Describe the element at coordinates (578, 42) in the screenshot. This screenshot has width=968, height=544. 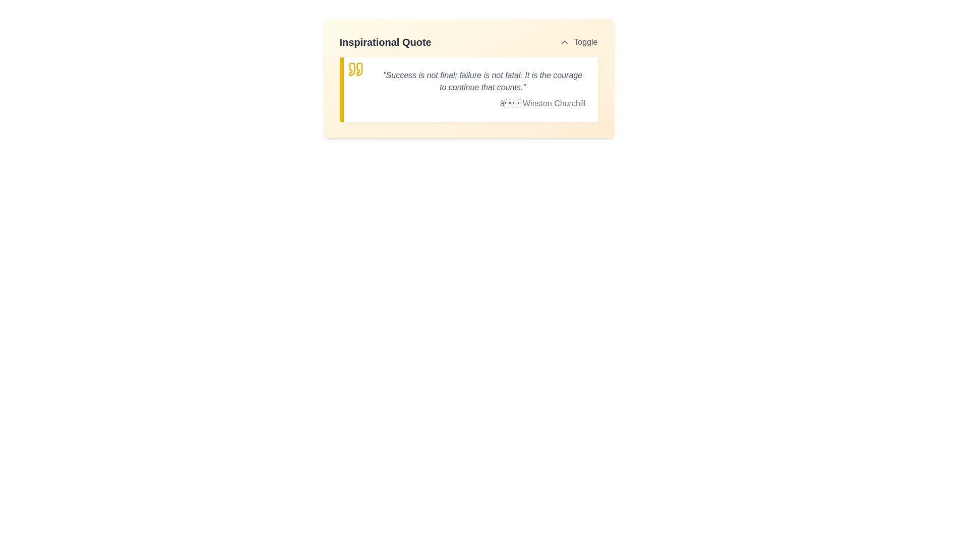
I see `the toggle button located in the top-right corner of the header section, adjacent to the 'Inspirational Quote' title` at that location.